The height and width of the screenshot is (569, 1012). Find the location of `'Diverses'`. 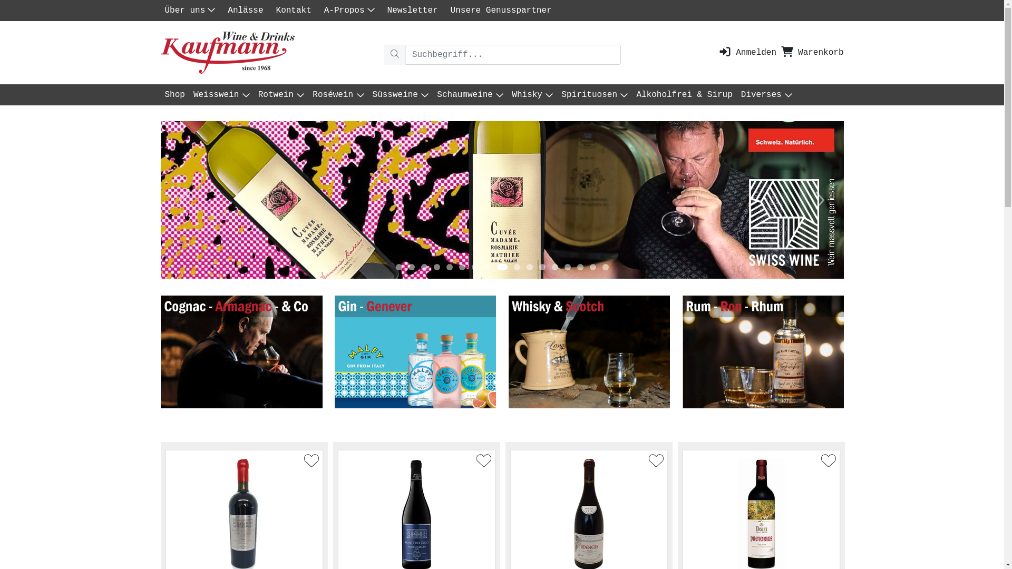

'Diverses' is located at coordinates (766, 95).